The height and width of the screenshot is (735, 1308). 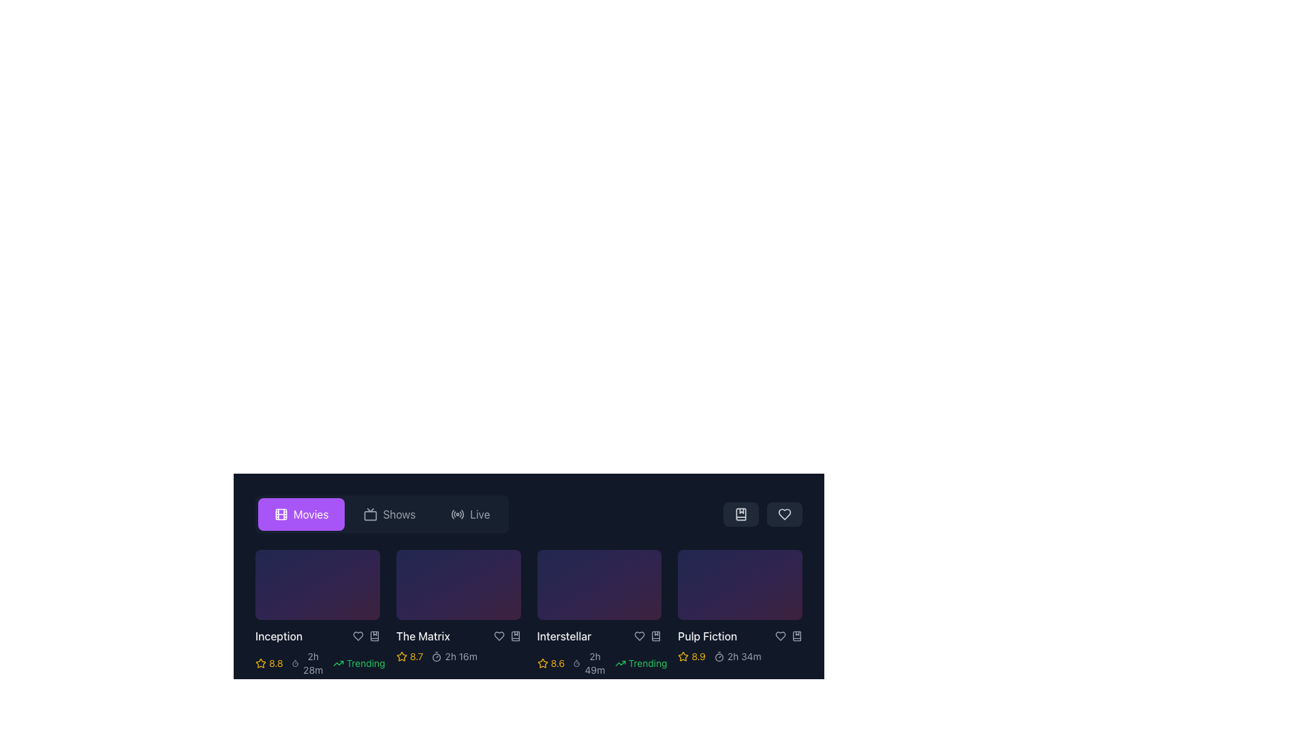 I want to click on the Rating Display element that signifies a rating associated with a movie, located to the left of the time duration group and to the right of the movie thumbnail, so click(x=550, y=662).